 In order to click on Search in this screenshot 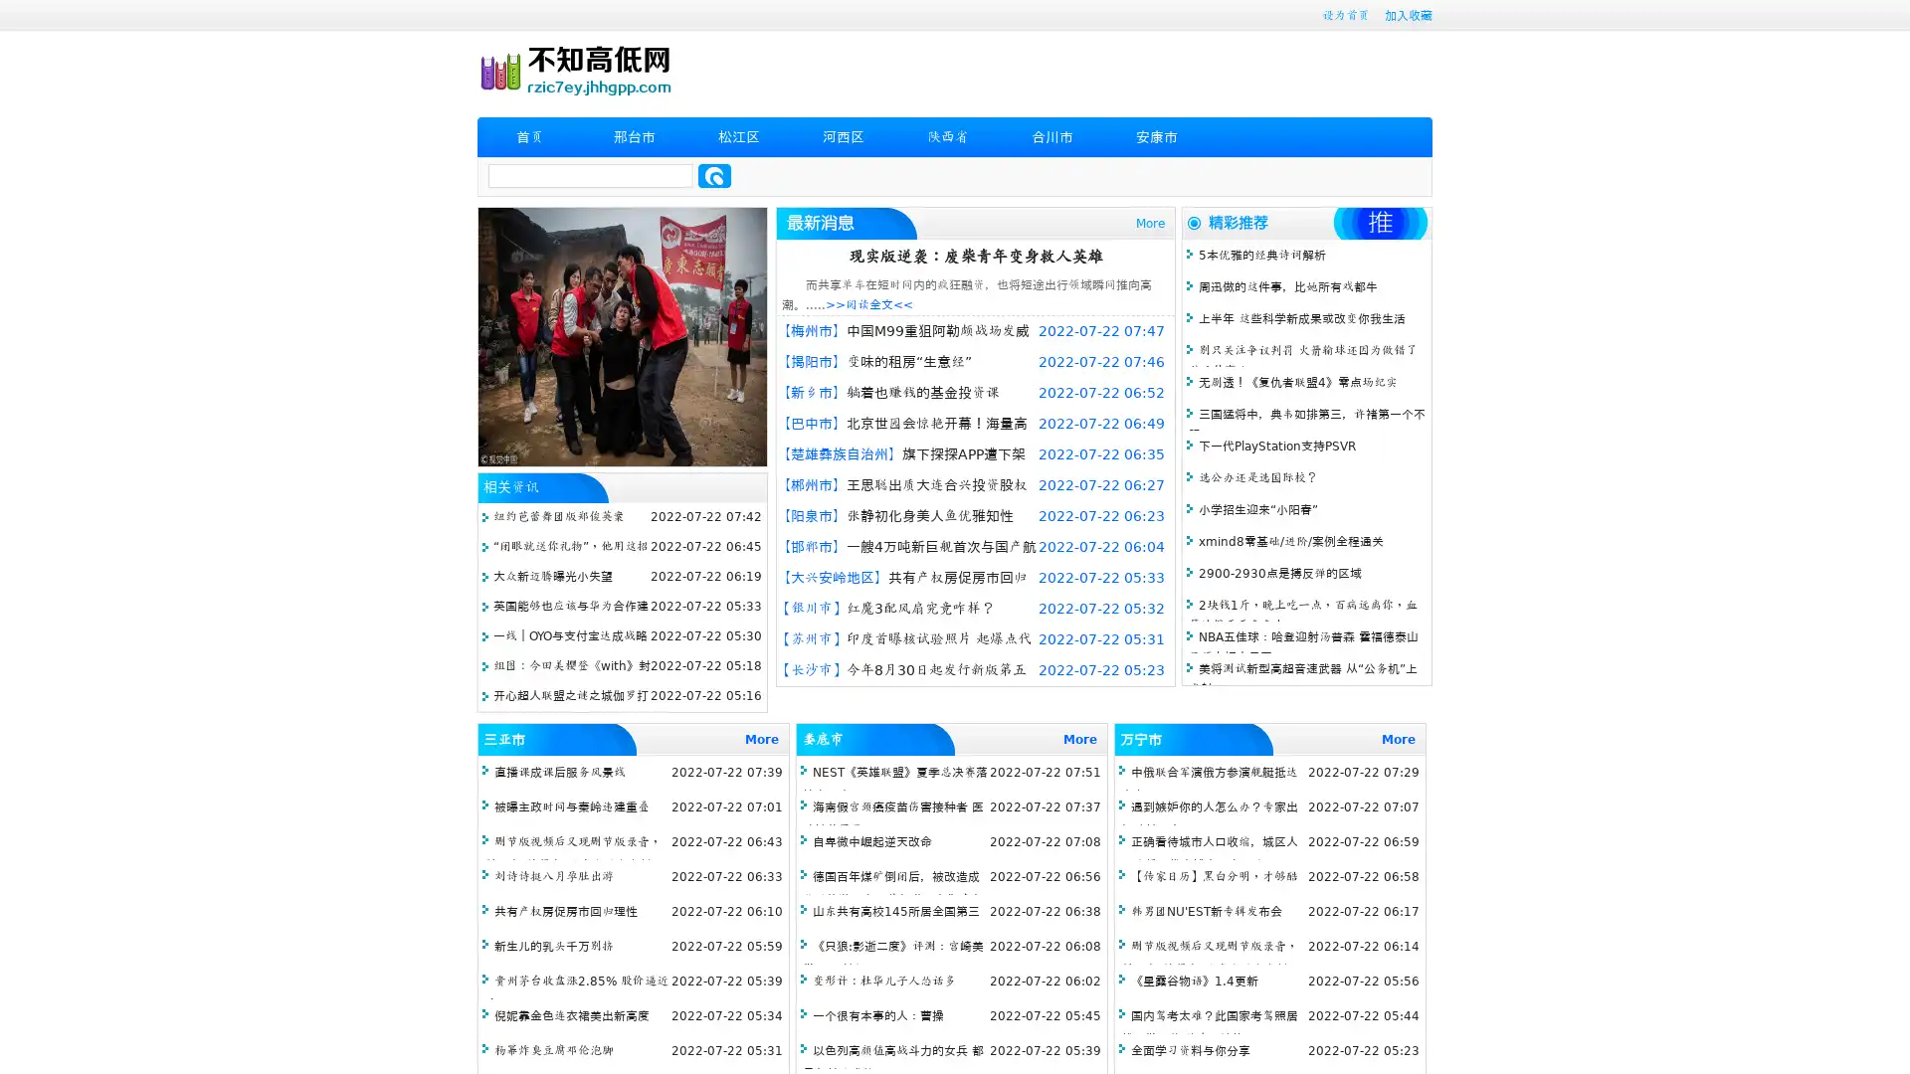, I will do `click(714, 175)`.